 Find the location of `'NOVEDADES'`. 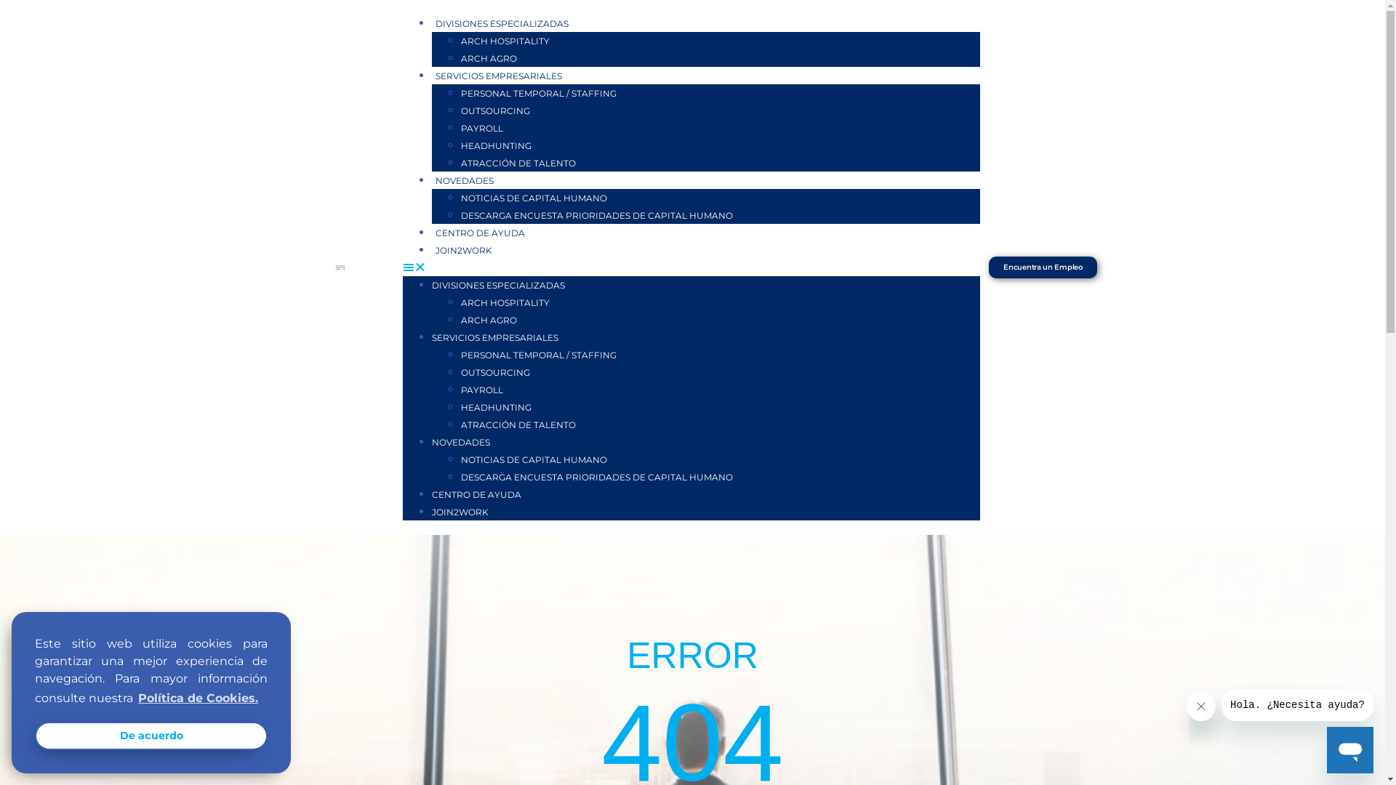

'NOVEDADES' is located at coordinates (431, 180).